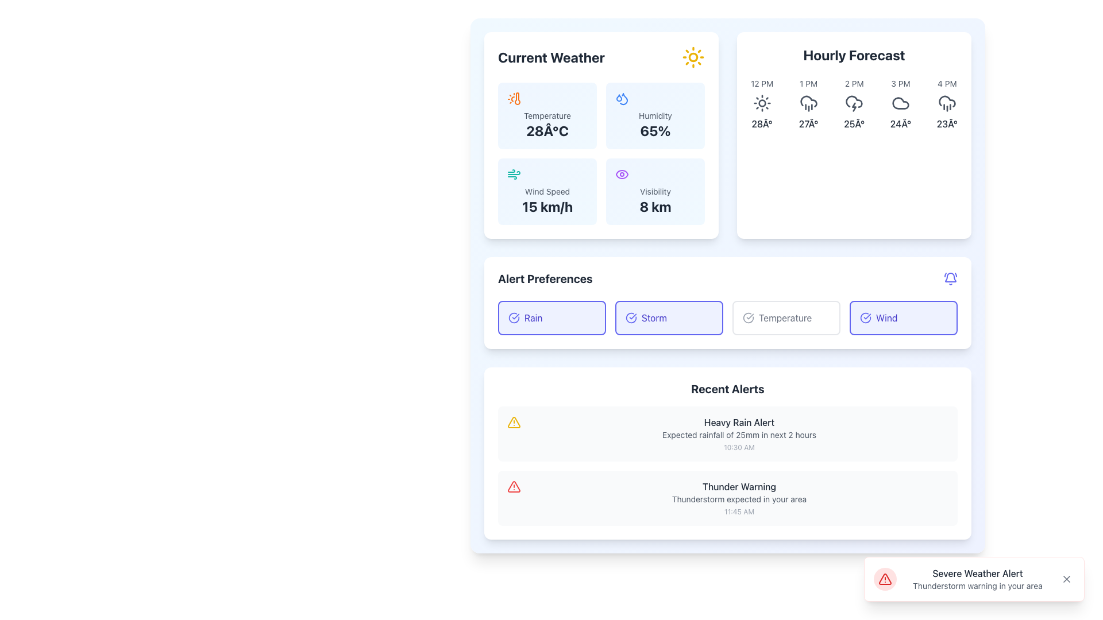 The image size is (1103, 620). Describe the element at coordinates (785, 318) in the screenshot. I see `the 'Temperature' text label, which is the fourth item in the 'Alert Preferences' section, positioned between 'Storm' and 'Wind'` at that location.